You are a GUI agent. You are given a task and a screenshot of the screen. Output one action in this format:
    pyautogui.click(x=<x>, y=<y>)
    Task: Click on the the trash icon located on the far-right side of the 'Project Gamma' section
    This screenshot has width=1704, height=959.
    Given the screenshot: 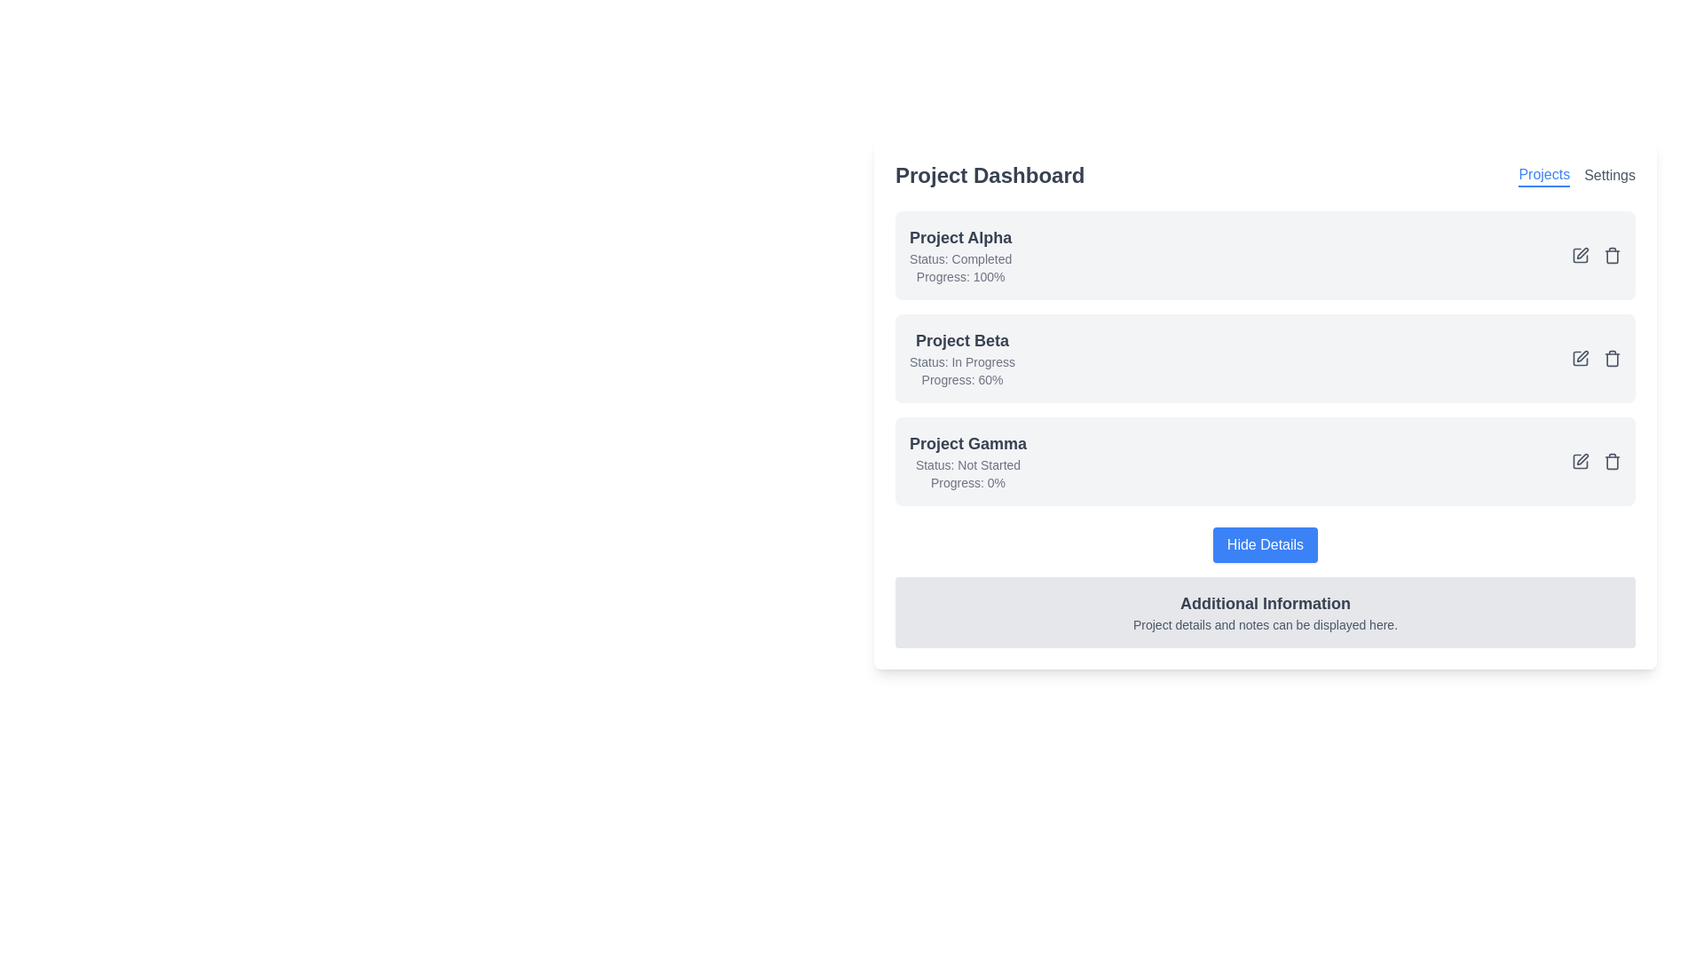 What is the action you would take?
    pyautogui.click(x=1613, y=461)
    